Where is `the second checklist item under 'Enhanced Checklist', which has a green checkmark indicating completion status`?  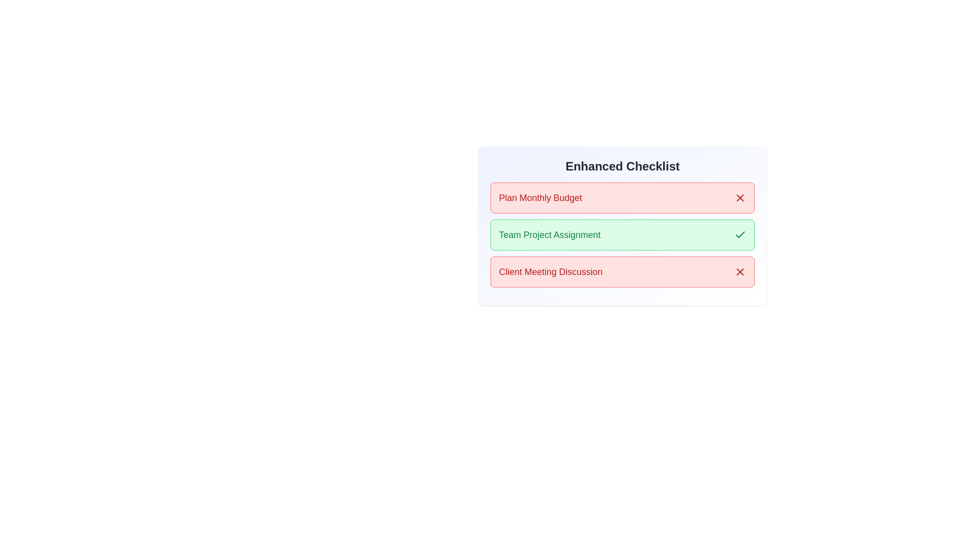 the second checklist item under 'Enhanced Checklist', which has a green checkmark indicating completion status is located at coordinates (622, 235).